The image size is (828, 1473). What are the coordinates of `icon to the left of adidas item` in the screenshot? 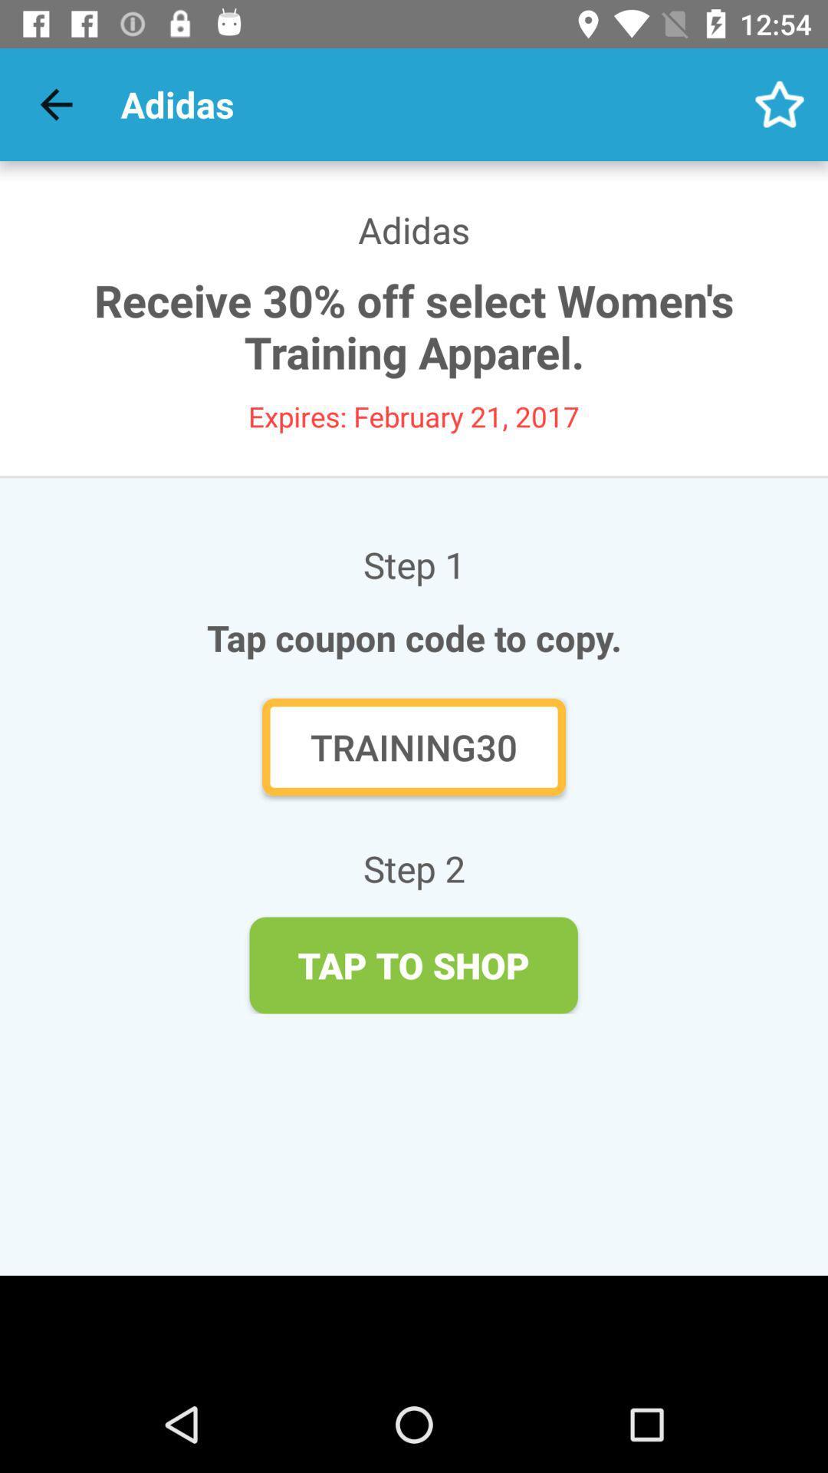 It's located at (55, 104).